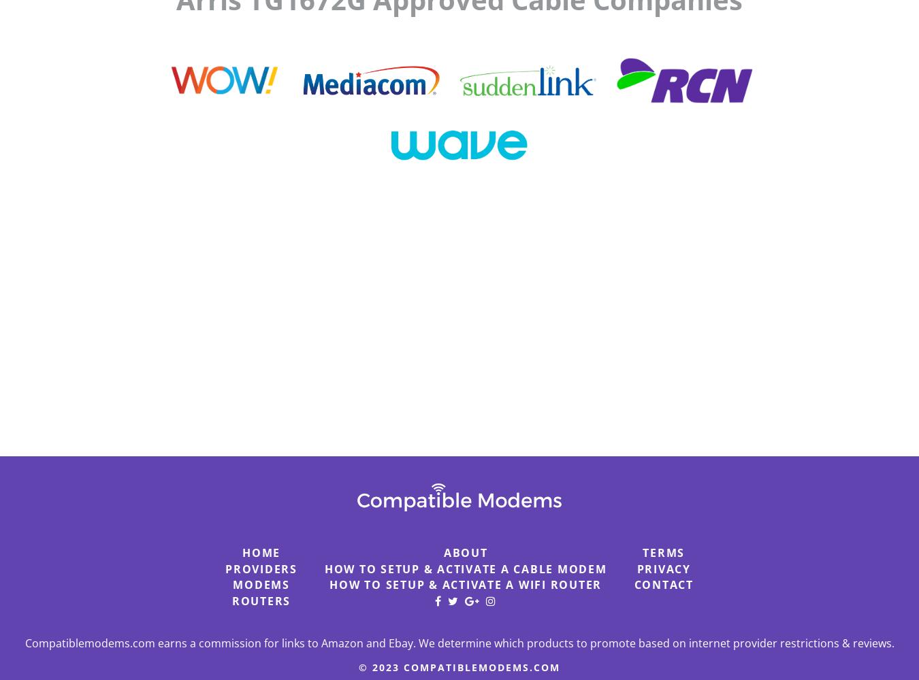  What do you see at coordinates (261, 552) in the screenshot?
I see `'Home'` at bounding box center [261, 552].